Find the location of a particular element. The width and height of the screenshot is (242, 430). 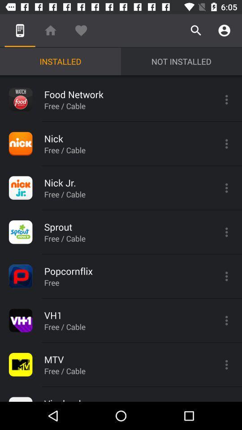

not installed is located at coordinates (181, 61).